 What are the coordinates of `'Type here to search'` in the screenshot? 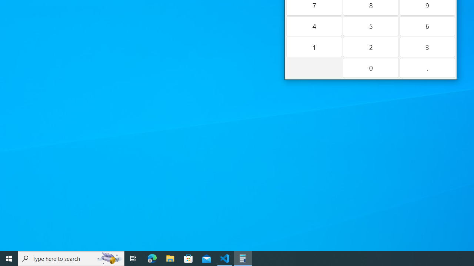 It's located at (71, 258).